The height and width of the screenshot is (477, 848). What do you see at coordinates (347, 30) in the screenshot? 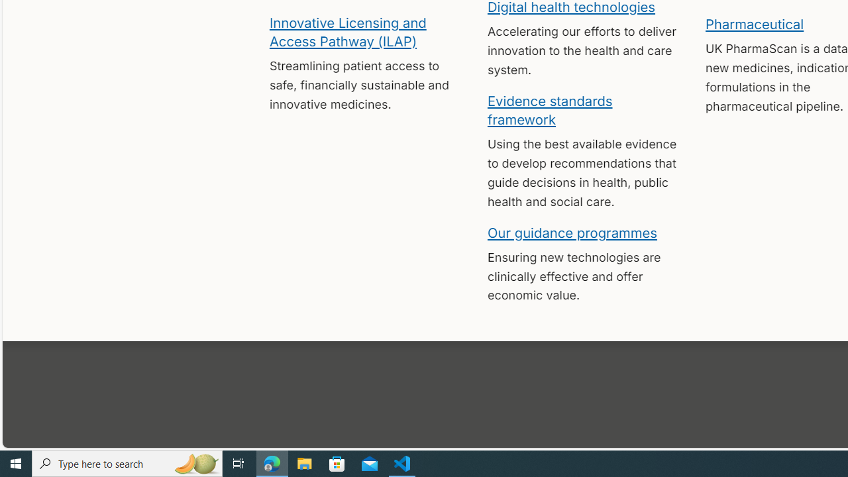
I see `'Innovative Licensing and Access Pathway (ILAP)'` at bounding box center [347, 30].